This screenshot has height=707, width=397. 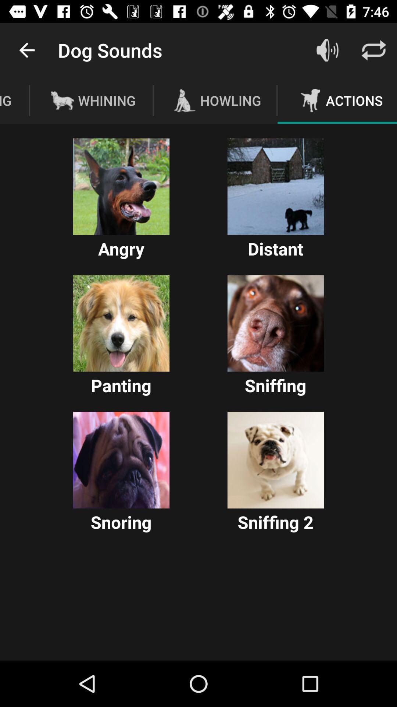 I want to click on the icon above actions, so click(x=327, y=50).